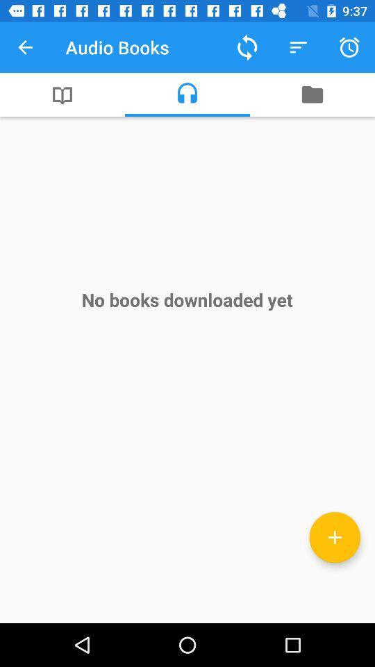 The height and width of the screenshot is (667, 375). What do you see at coordinates (25, 47) in the screenshot?
I see `icon to the left of the audio books item` at bounding box center [25, 47].